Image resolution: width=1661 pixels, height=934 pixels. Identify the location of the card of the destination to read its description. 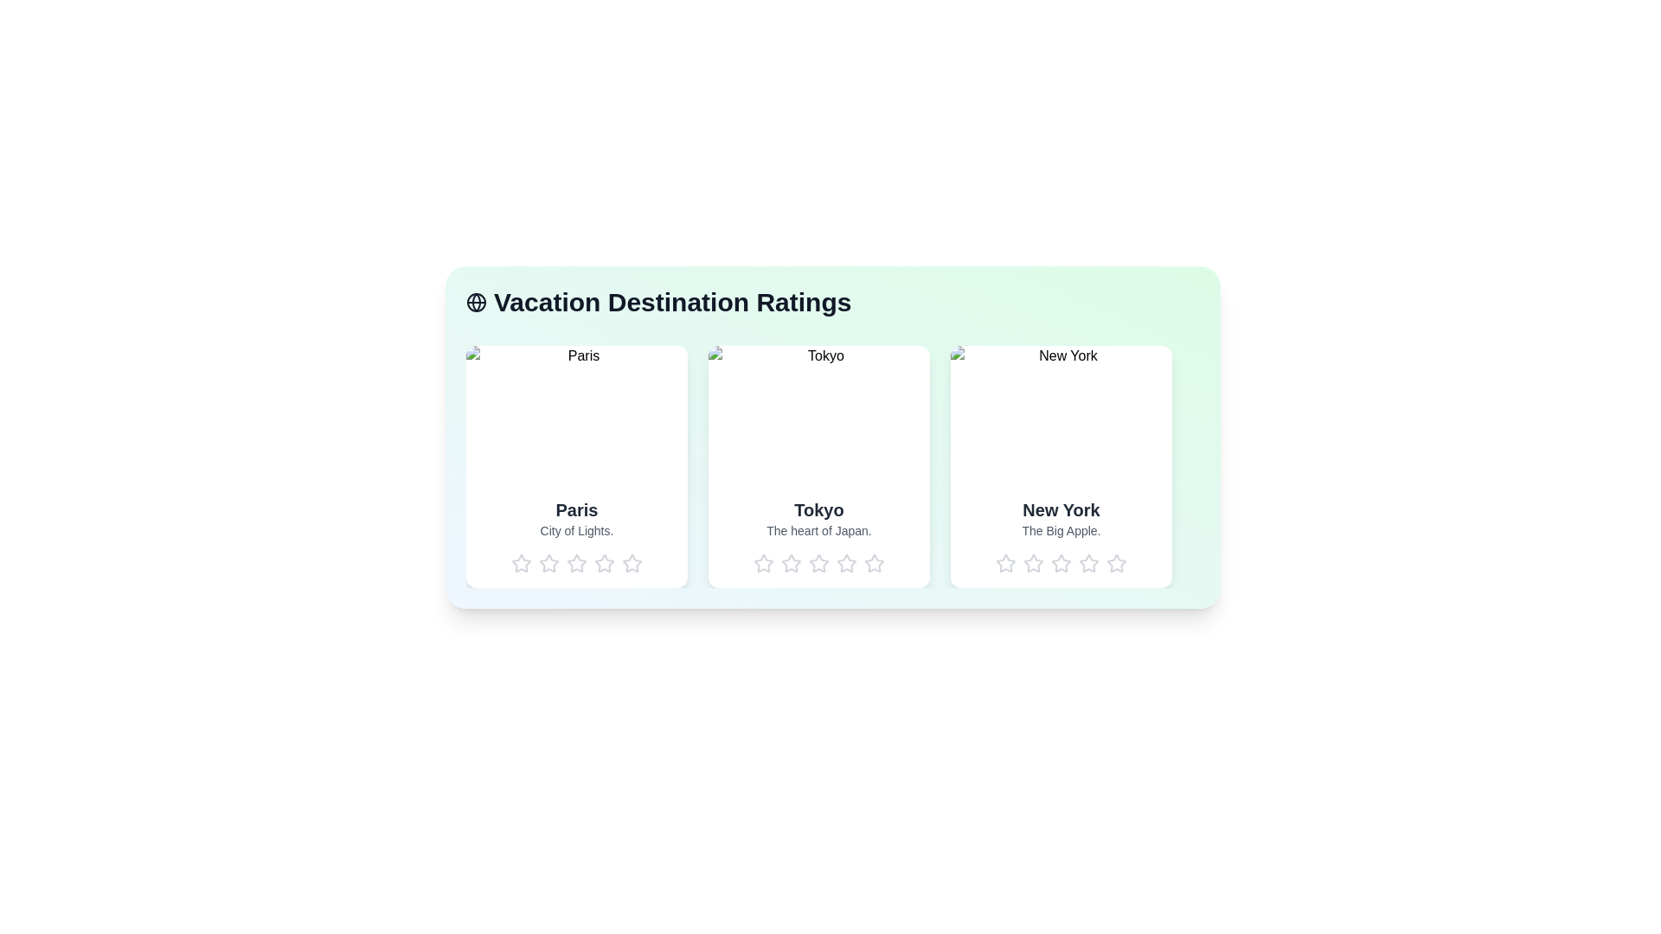
(577, 467).